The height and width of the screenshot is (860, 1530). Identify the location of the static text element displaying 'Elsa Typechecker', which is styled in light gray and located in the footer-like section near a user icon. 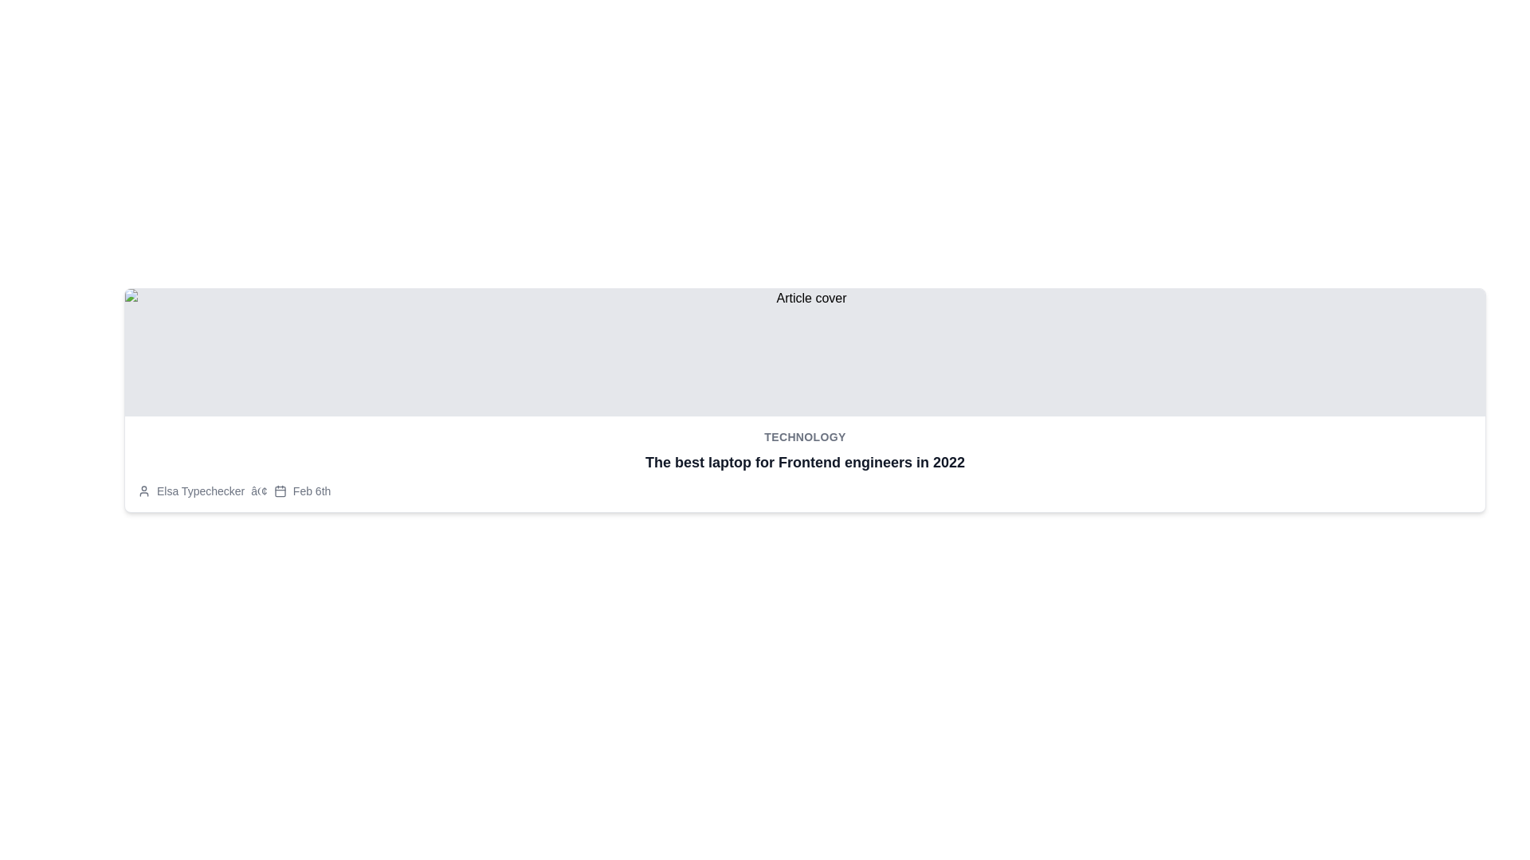
(200, 491).